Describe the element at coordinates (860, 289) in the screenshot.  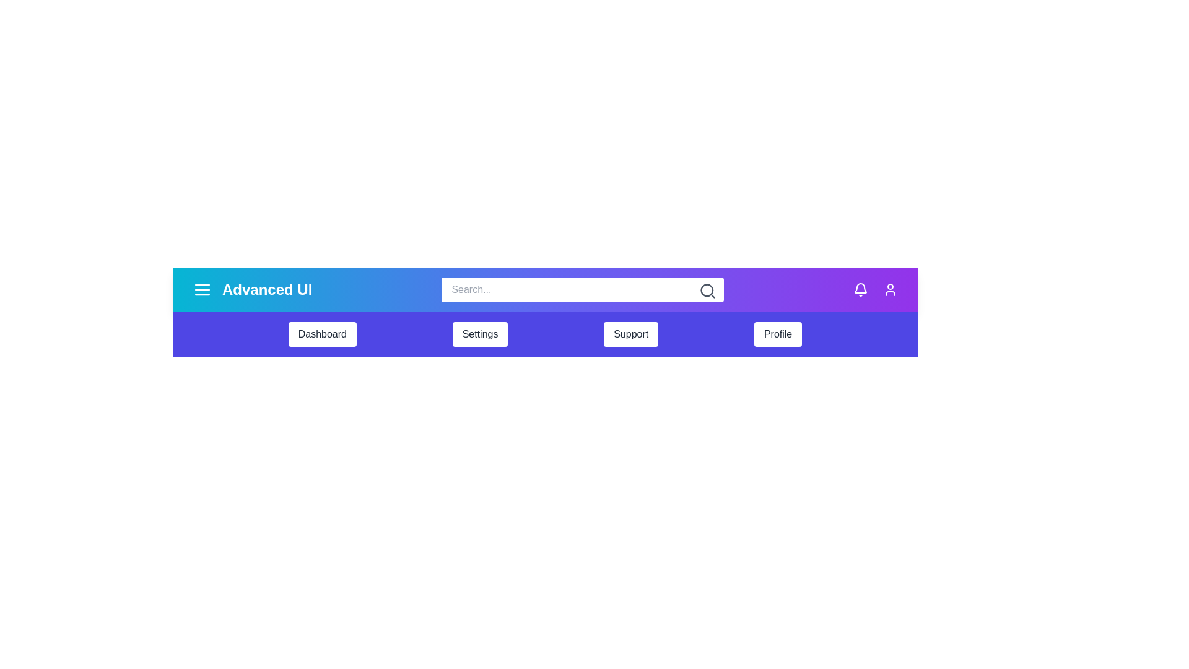
I see `the bell icon to view notifications` at that location.